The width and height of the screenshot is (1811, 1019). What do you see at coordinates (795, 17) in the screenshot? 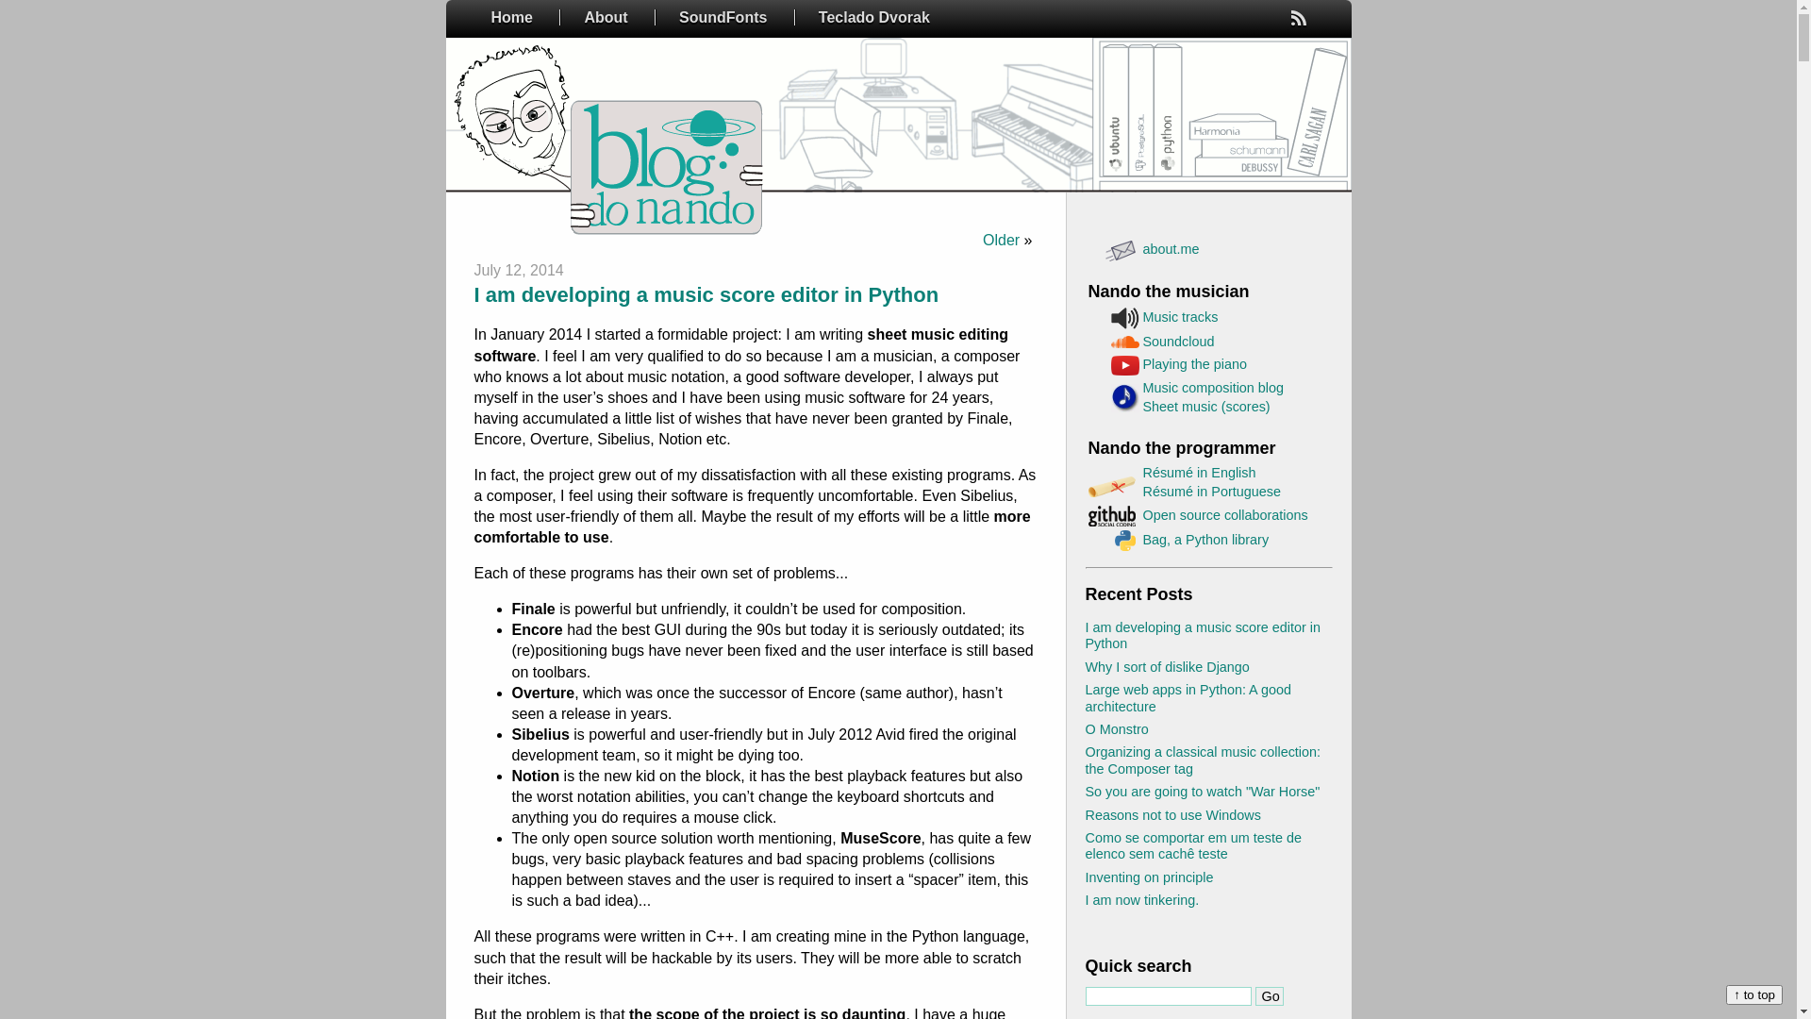
I see `'Teclado Dvorak'` at bounding box center [795, 17].